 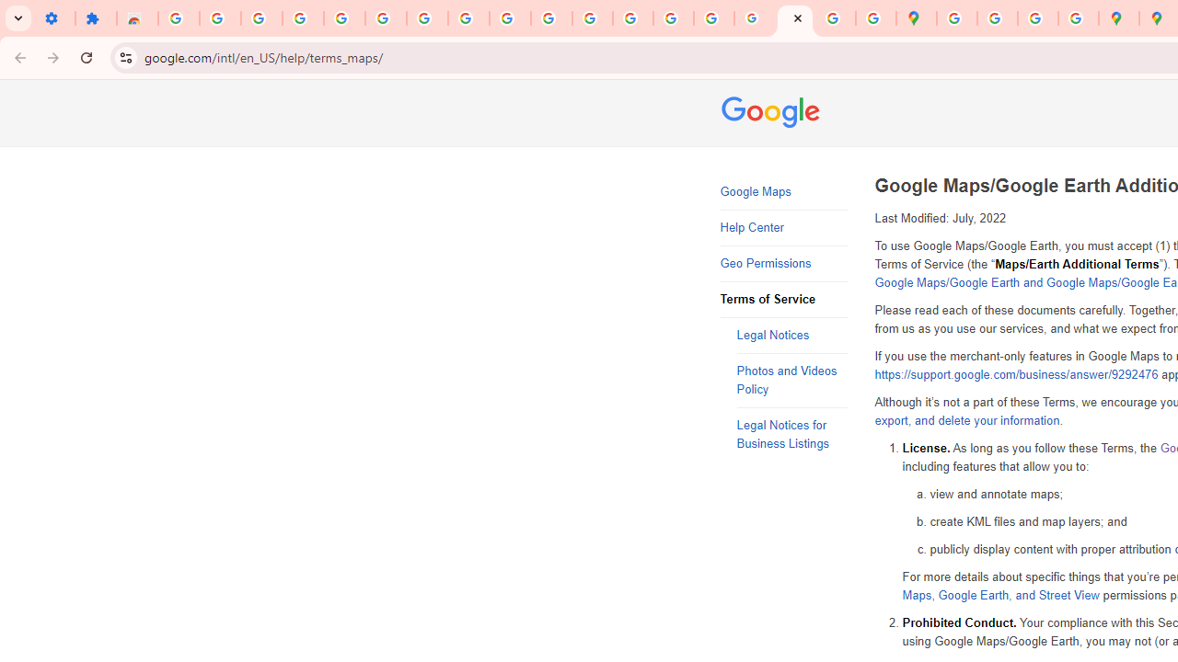 What do you see at coordinates (783, 192) in the screenshot?
I see `'Google Maps'` at bounding box center [783, 192].